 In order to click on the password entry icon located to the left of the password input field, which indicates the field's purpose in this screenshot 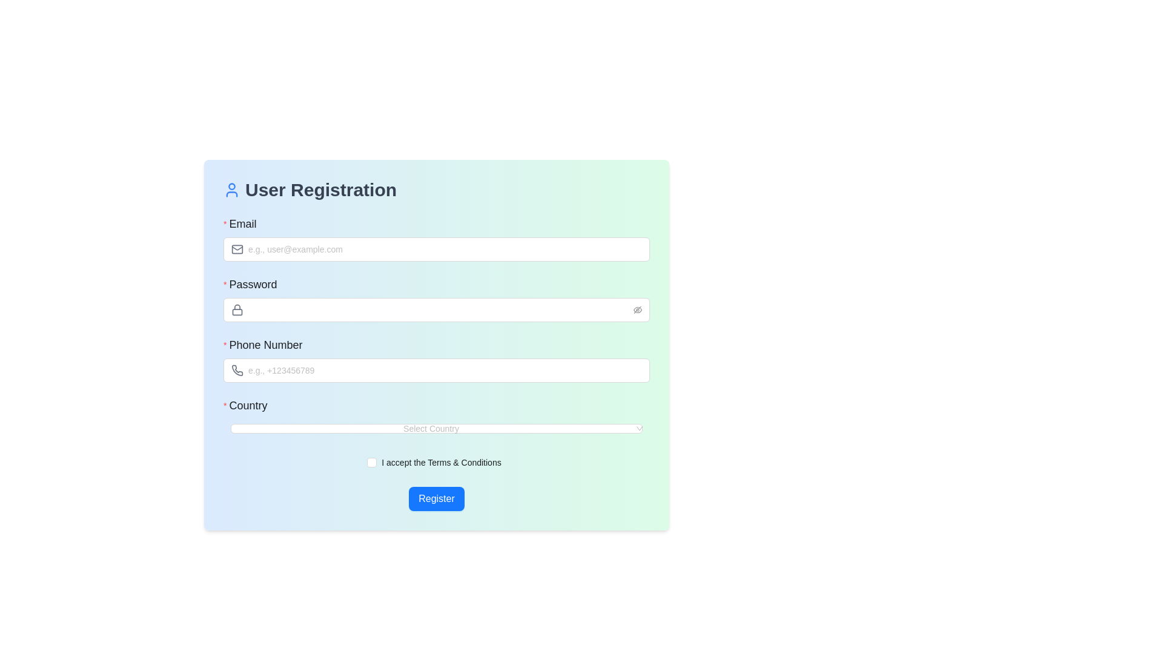, I will do `click(237, 309)`.